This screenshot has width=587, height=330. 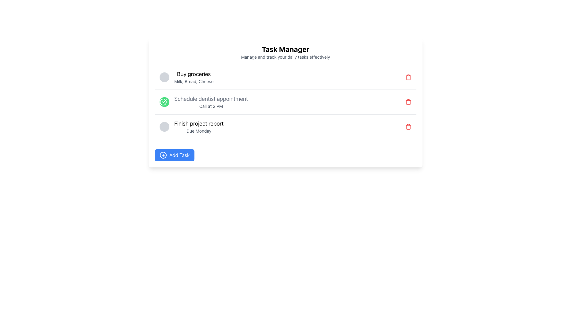 I want to click on the static text header that contains the text 'Buy groceries', which is visually distinct due to its larger, bold black font, located above the task details, so click(x=194, y=74).